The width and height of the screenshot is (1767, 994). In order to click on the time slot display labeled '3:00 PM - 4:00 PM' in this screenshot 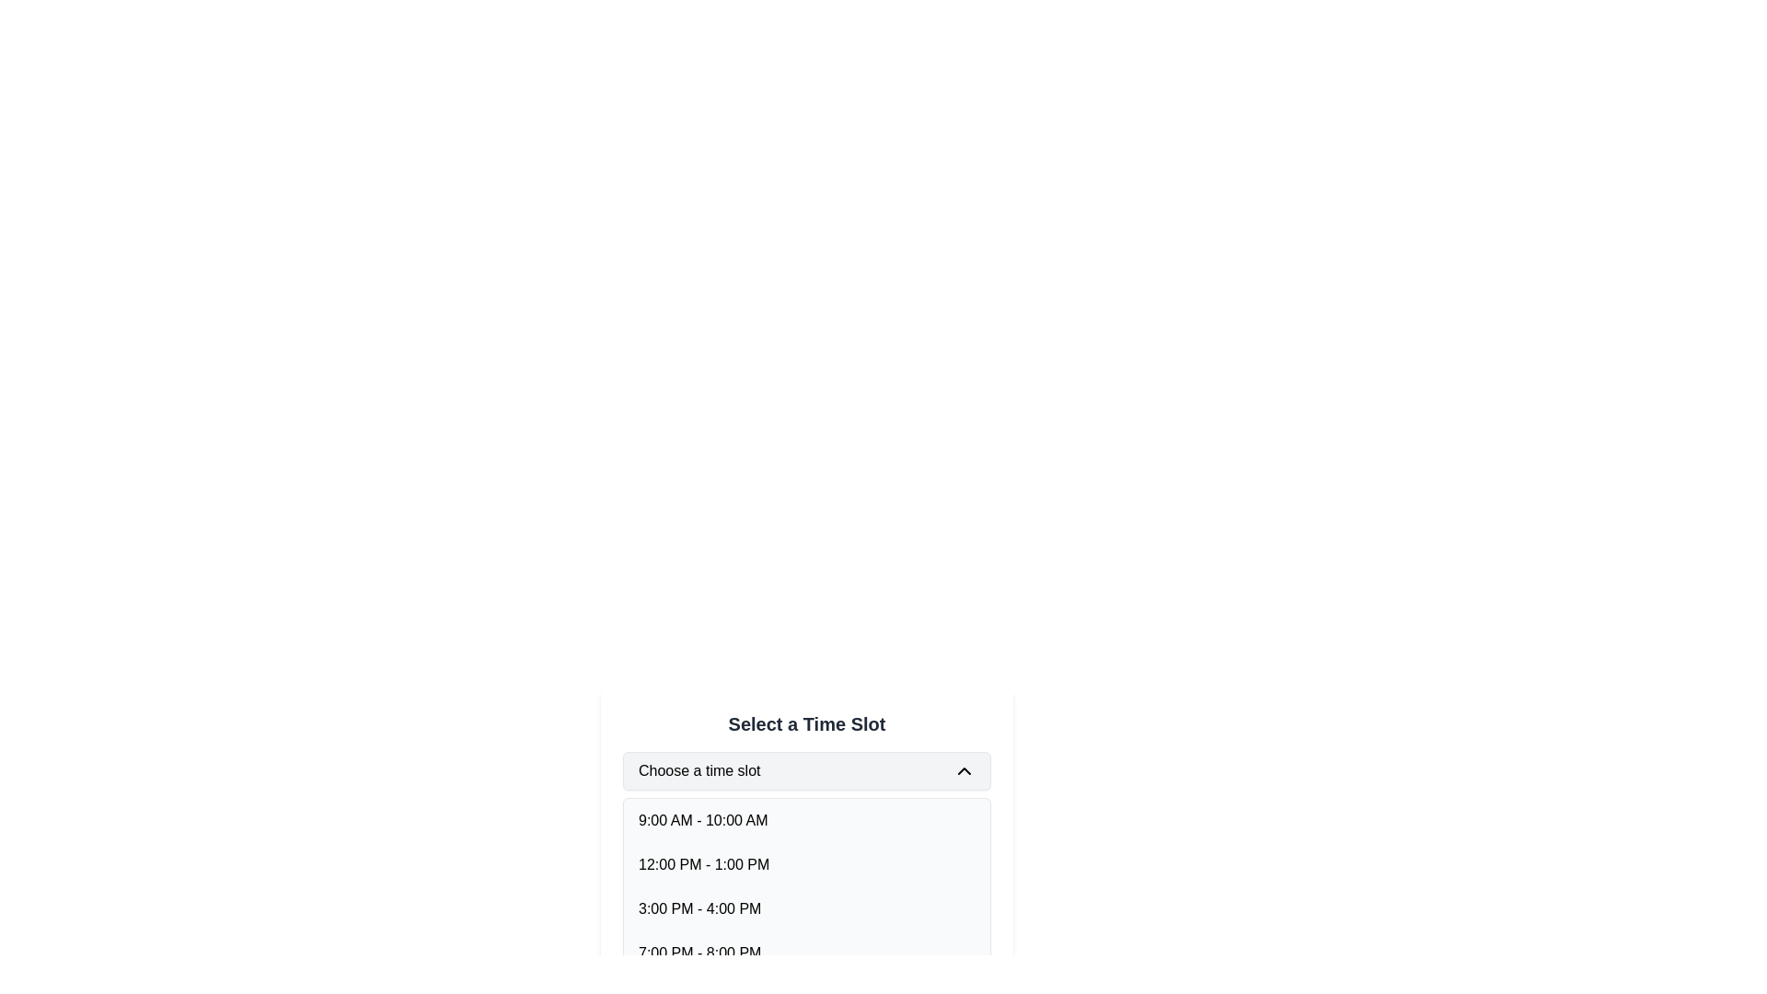, I will do `click(807, 907)`.